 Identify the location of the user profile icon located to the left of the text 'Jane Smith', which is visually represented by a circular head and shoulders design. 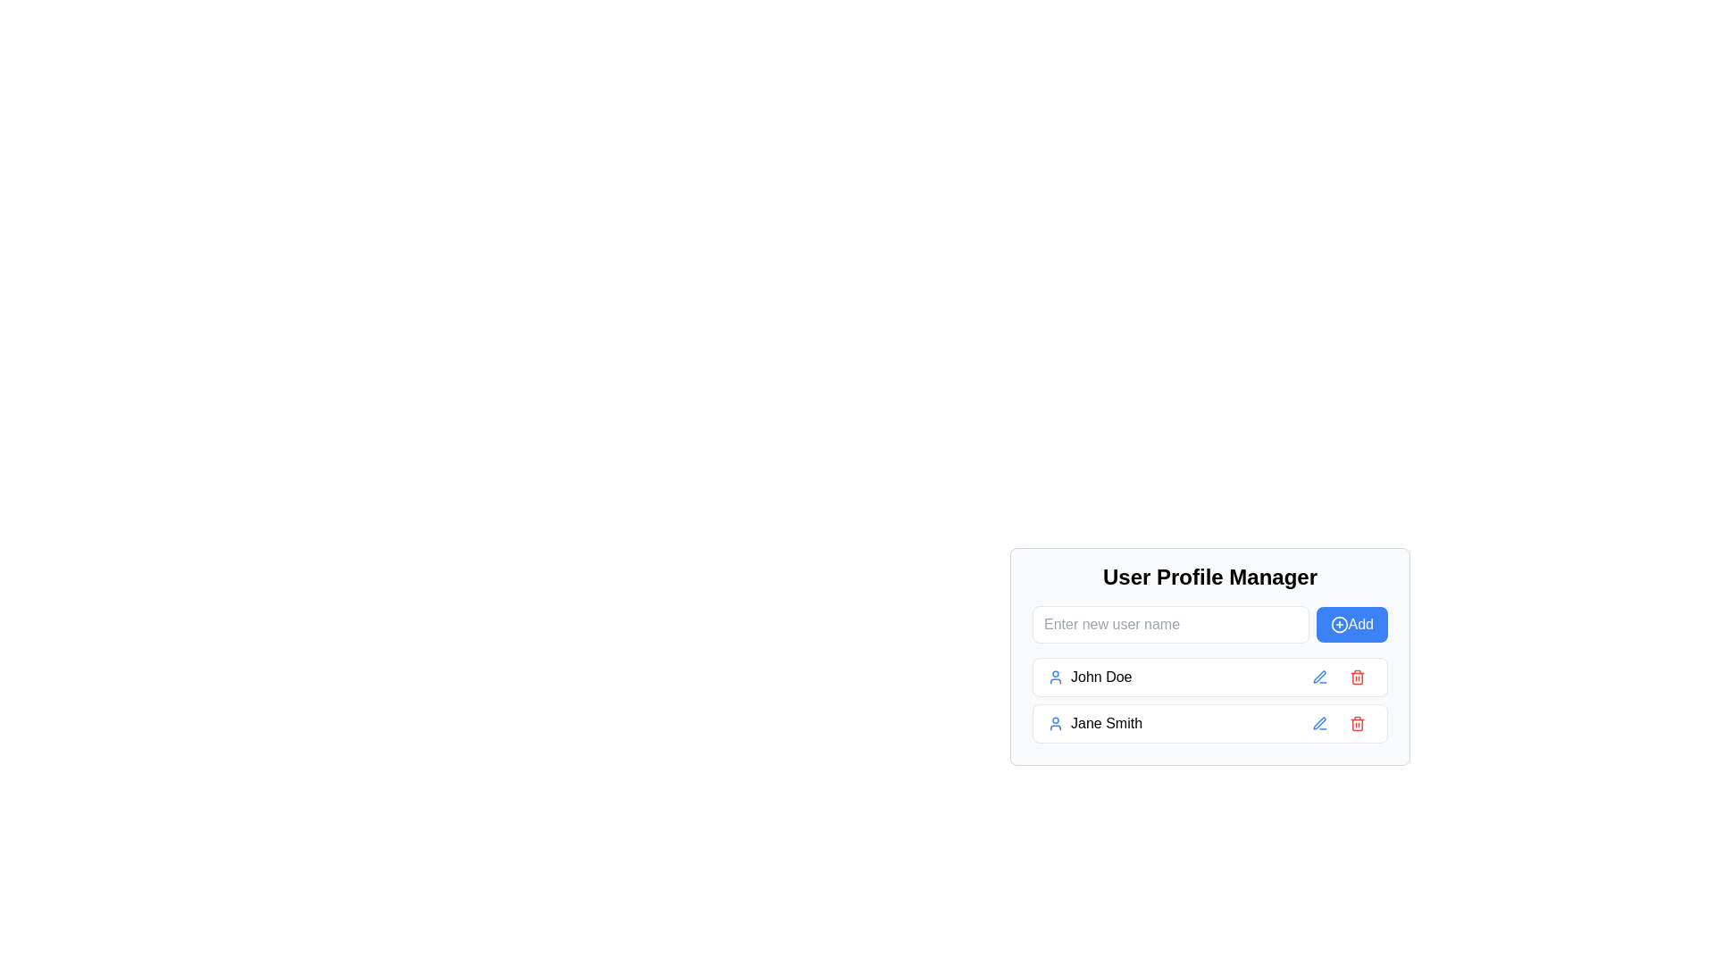
(1055, 723).